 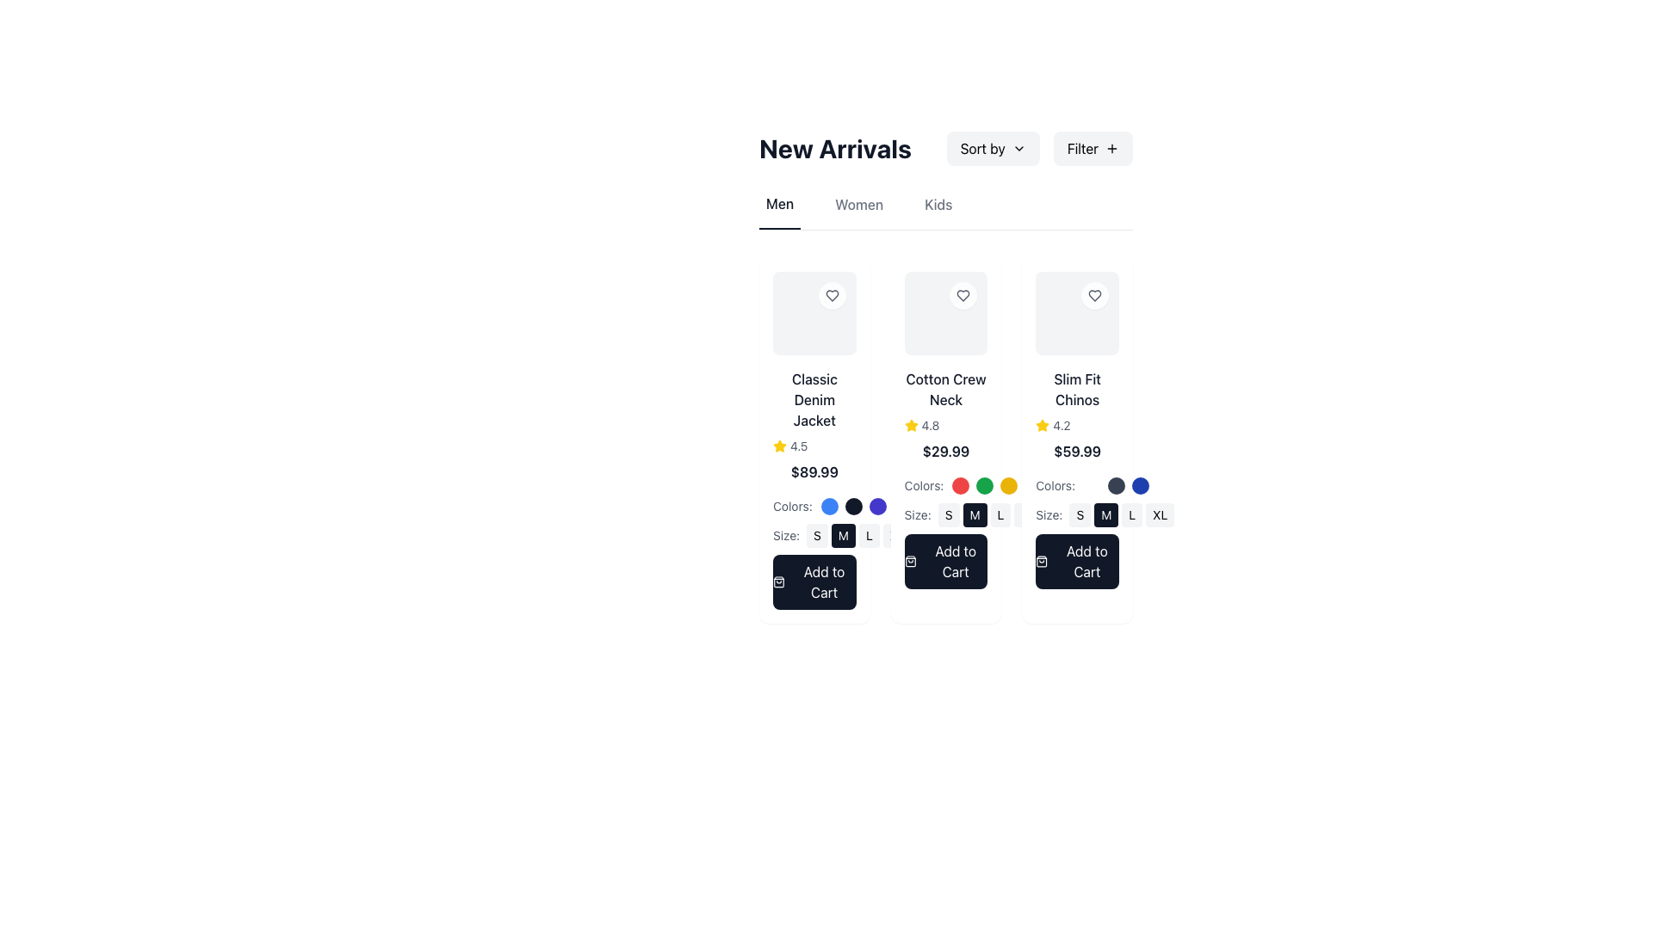 What do you see at coordinates (1029, 514) in the screenshot?
I see `the 'XL' button, which is a rectangular button with rounded edges` at bounding box center [1029, 514].